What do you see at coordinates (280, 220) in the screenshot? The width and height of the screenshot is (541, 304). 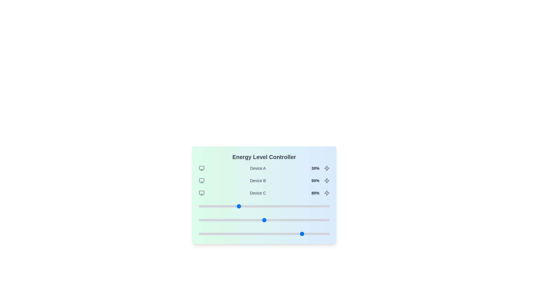 I see `the slider for Device B to set its energy level to 62%` at bounding box center [280, 220].